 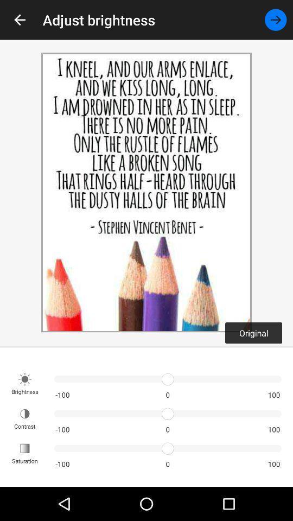 I want to click on item to the right of the adjust brightness, so click(x=276, y=19).